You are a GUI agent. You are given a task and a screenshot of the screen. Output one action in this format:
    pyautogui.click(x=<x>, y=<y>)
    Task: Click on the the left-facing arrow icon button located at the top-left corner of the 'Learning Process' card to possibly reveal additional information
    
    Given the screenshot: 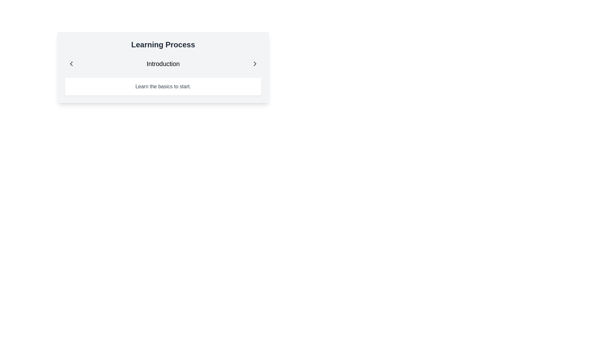 What is the action you would take?
    pyautogui.click(x=71, y=64)
    